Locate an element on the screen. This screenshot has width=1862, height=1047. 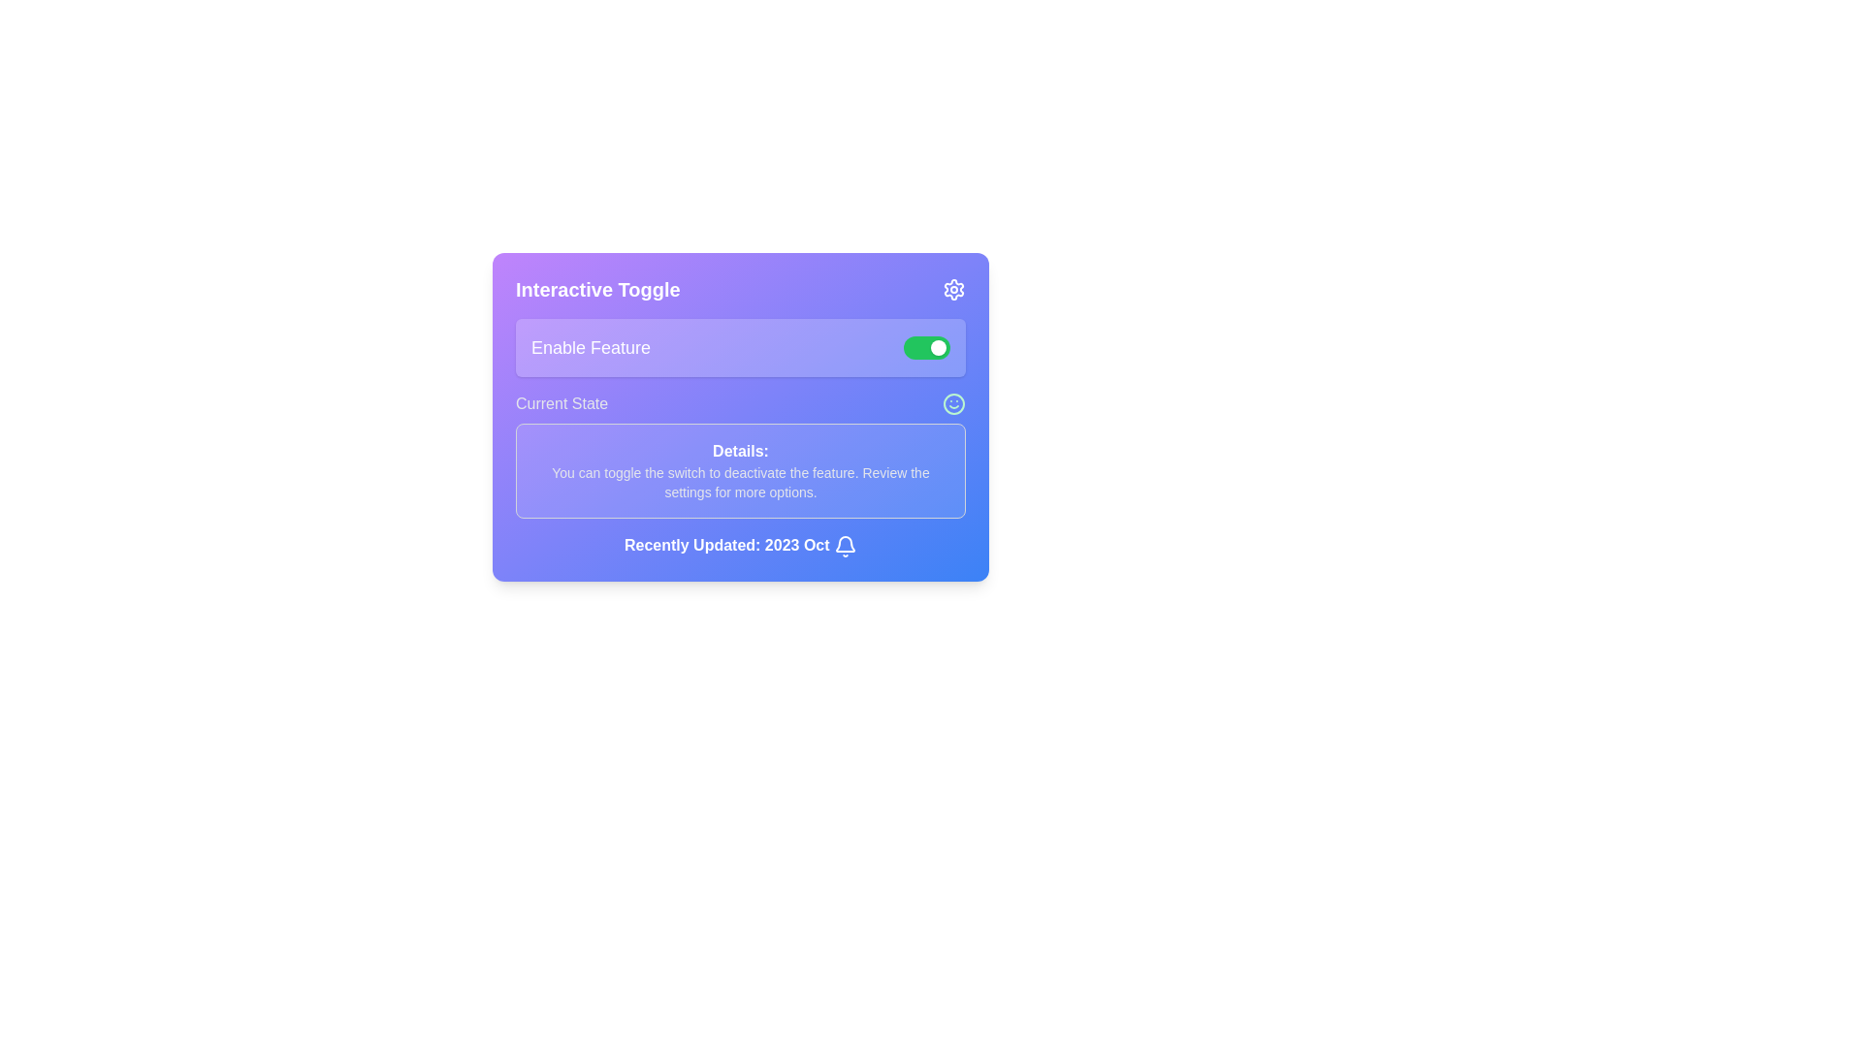
the small bell icon located at the far right of the block containing the text 'Recently Updated: 2023 Oct', which is part of the 'Interactive Toggle' card is located at coordinates (846, 546).